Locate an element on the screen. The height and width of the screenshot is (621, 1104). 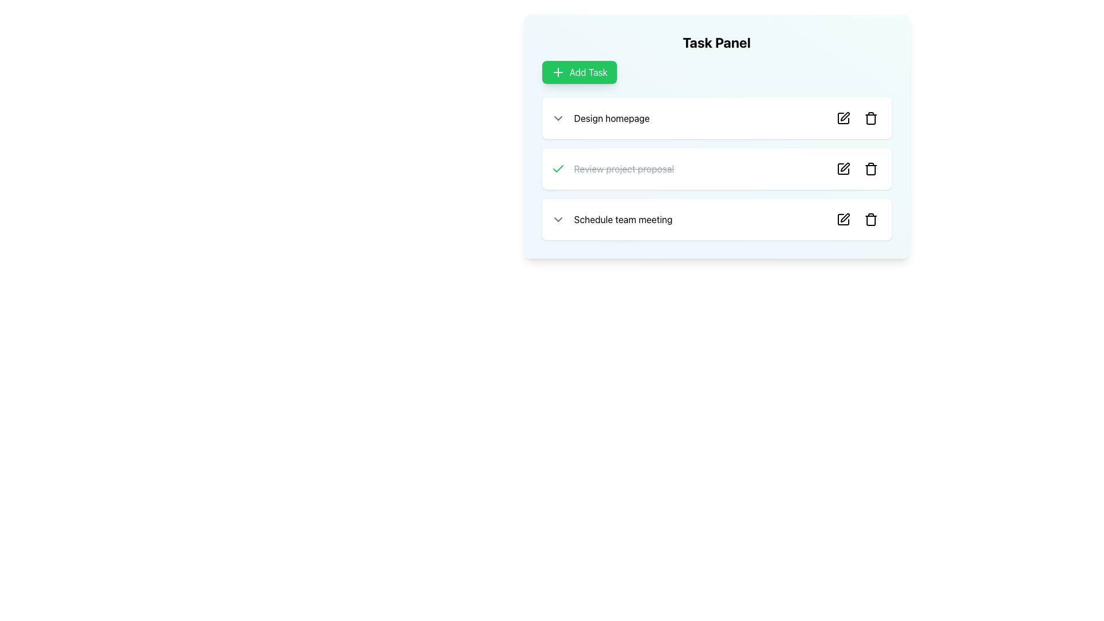
the edit icon positioned to the left of the delete icon and directly to the right of the task name 'Schedule team meeting' is located at coordinates (843, 219).